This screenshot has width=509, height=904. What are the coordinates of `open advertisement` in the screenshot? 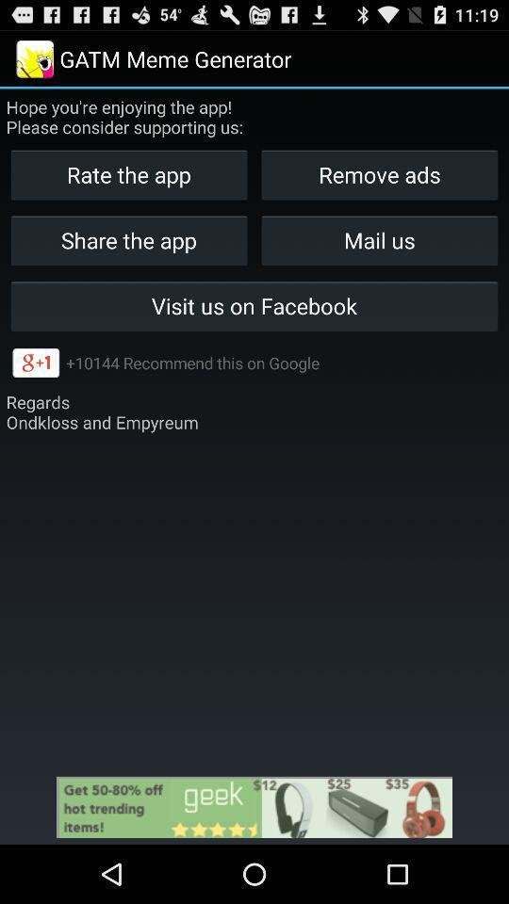 It's located at (254, 806).